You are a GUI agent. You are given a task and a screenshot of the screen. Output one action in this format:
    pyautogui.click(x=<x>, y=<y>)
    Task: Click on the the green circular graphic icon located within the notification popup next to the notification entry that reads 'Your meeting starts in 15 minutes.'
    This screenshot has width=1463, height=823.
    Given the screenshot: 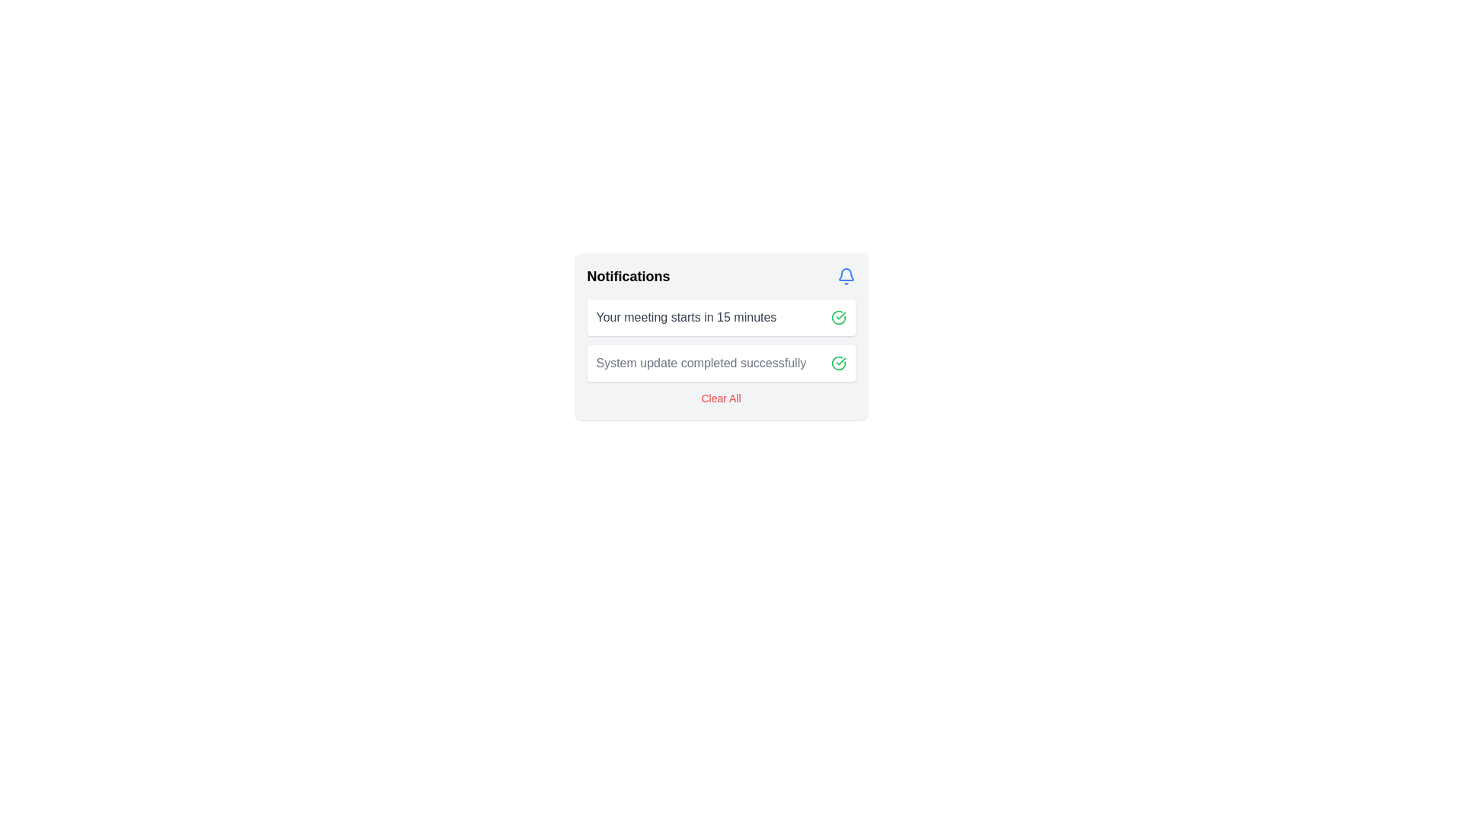 What is the action you would take?
    pyautogui.click(x=837, y=363)
    